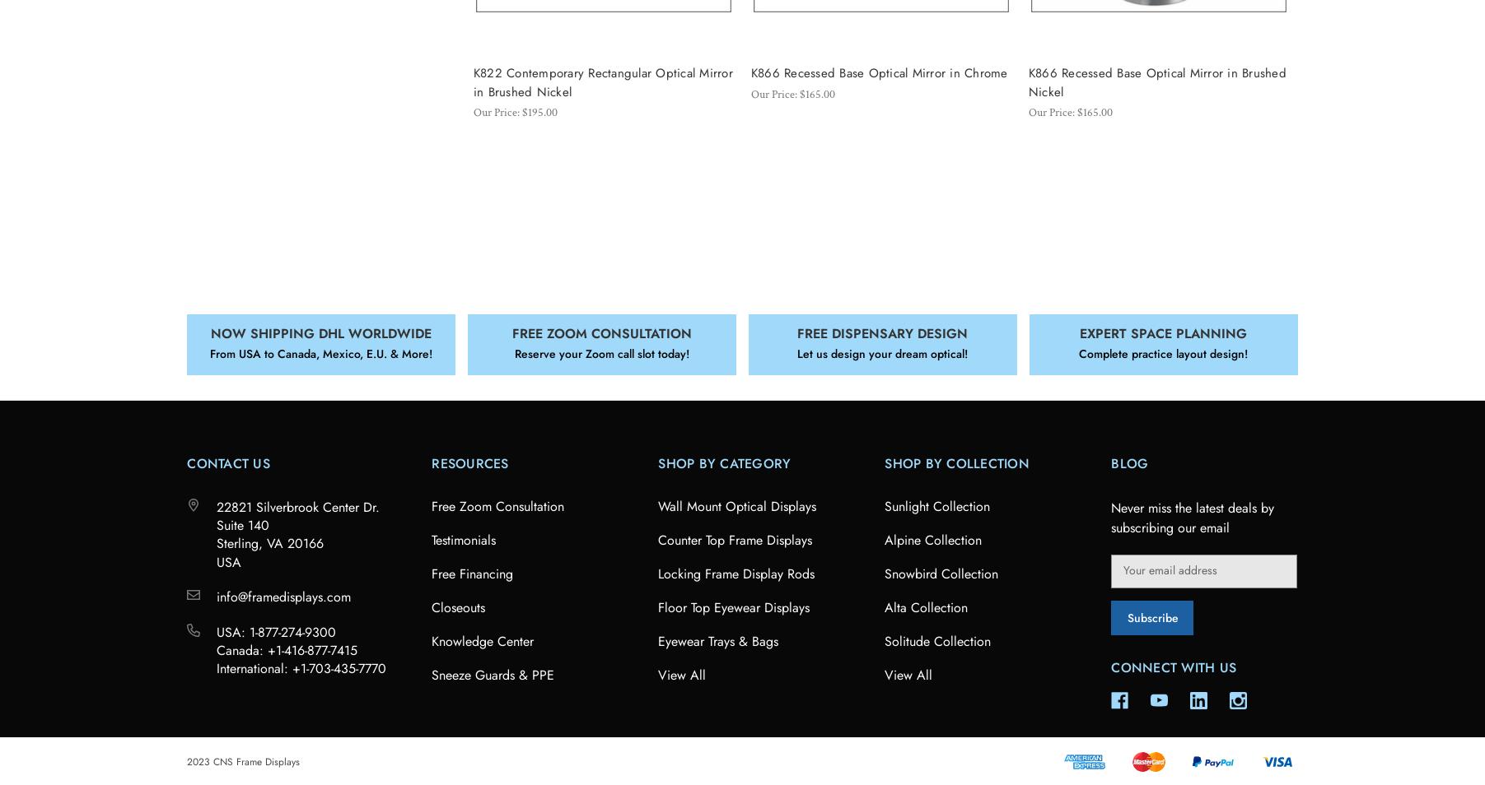 This screenshot has width=1485, height=785. What do you see at coordinates (937, 640) in the screenshot?
I see `'Solitude Collection'` at bounding box center [937, 640].